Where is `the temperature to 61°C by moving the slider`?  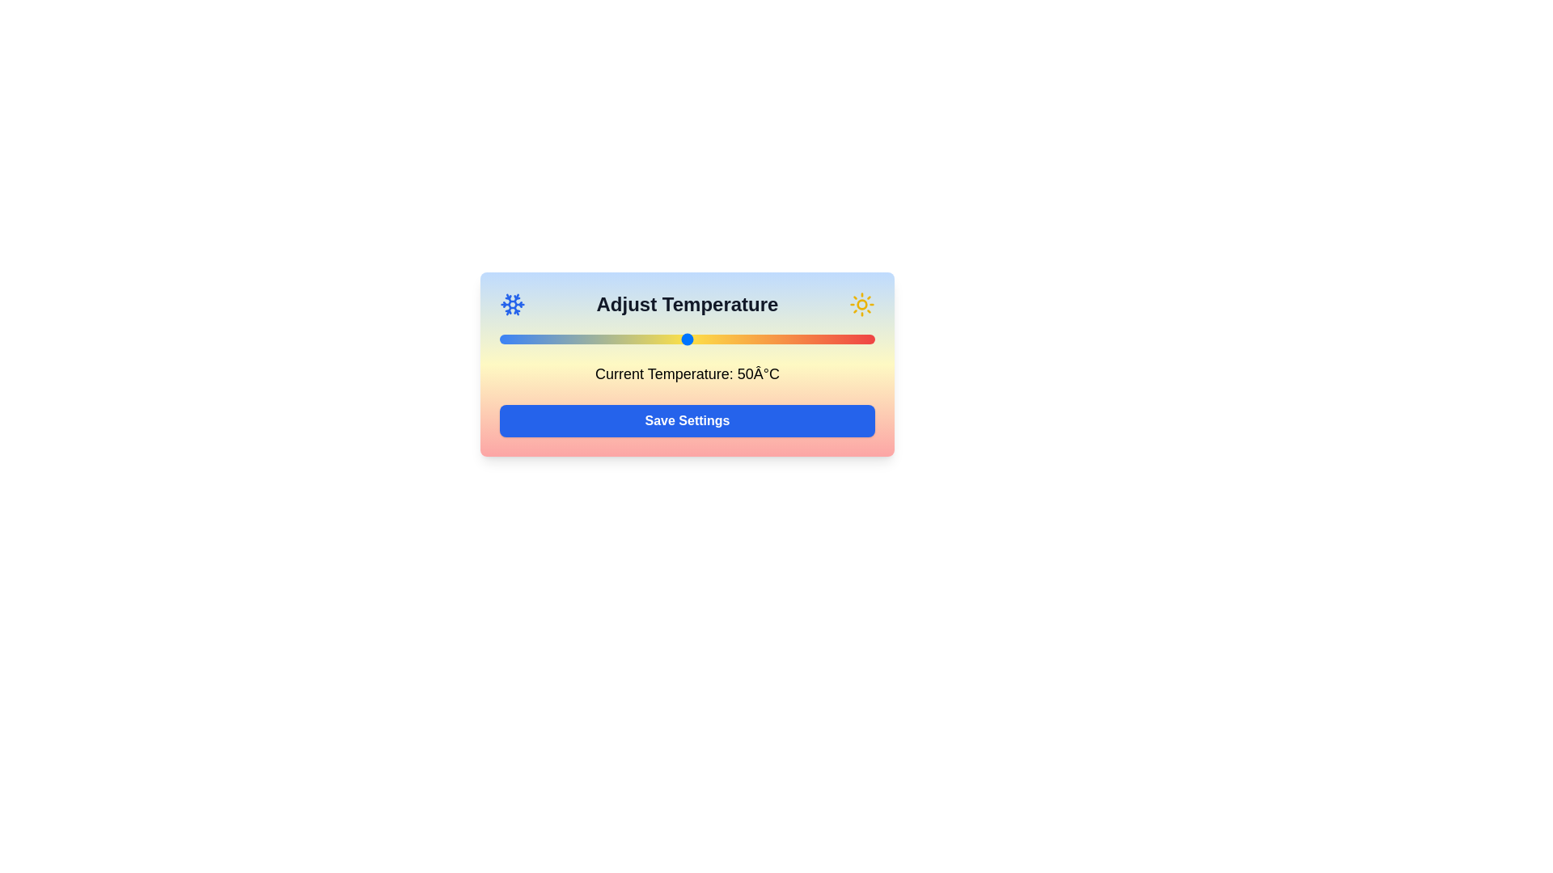 the temperature to 61°C by moving the slider is located at coordinates (728, 339).